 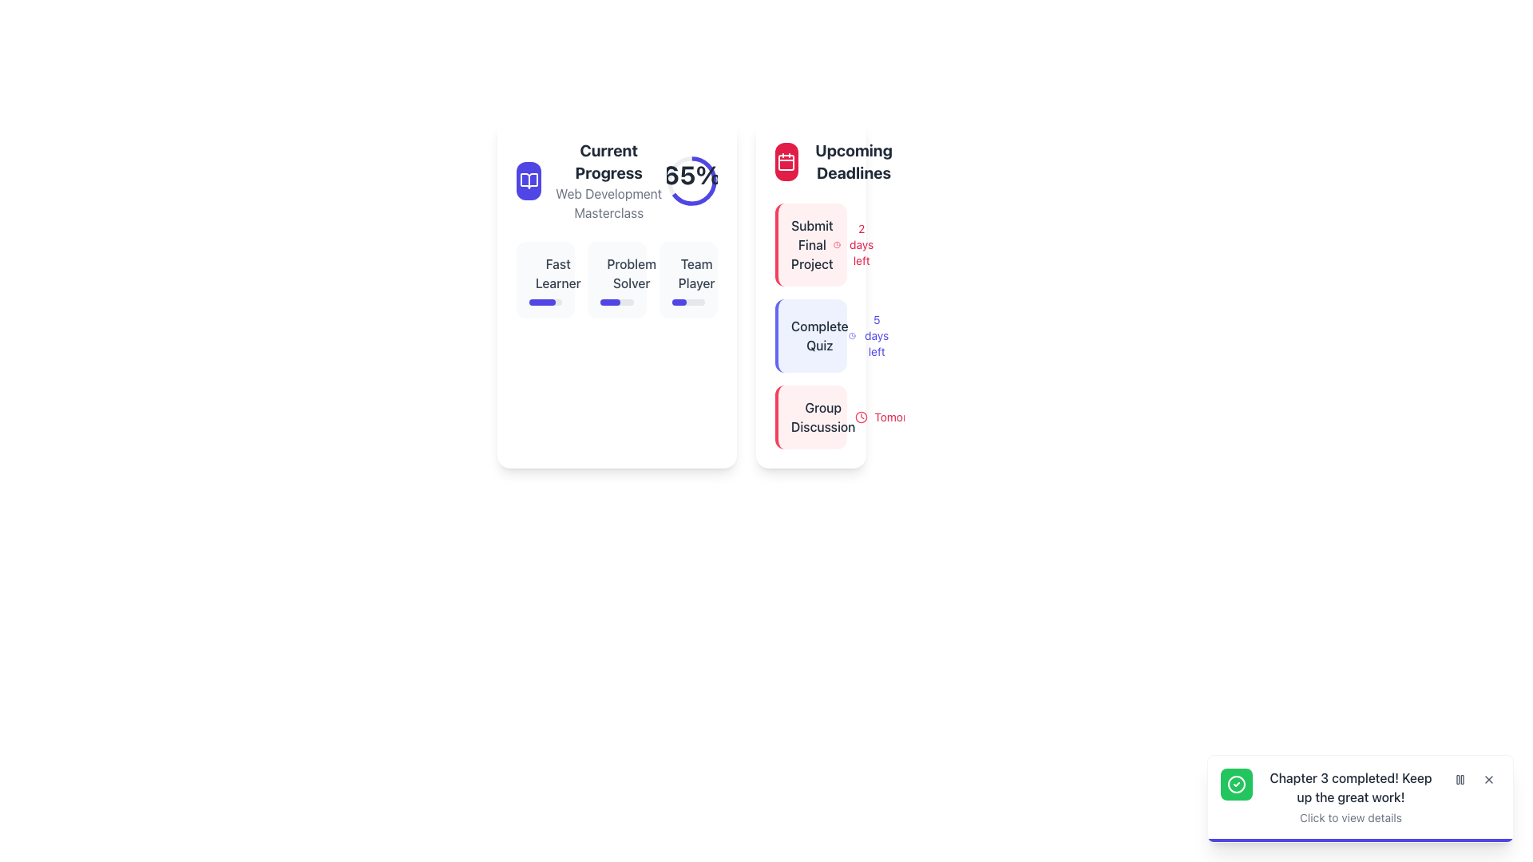 I want to click on the clock icon that signifies a time-related context, located in the bottom-right corner of the rightmost card under the 'Group Discussion' label, so click(x=861, y=417).